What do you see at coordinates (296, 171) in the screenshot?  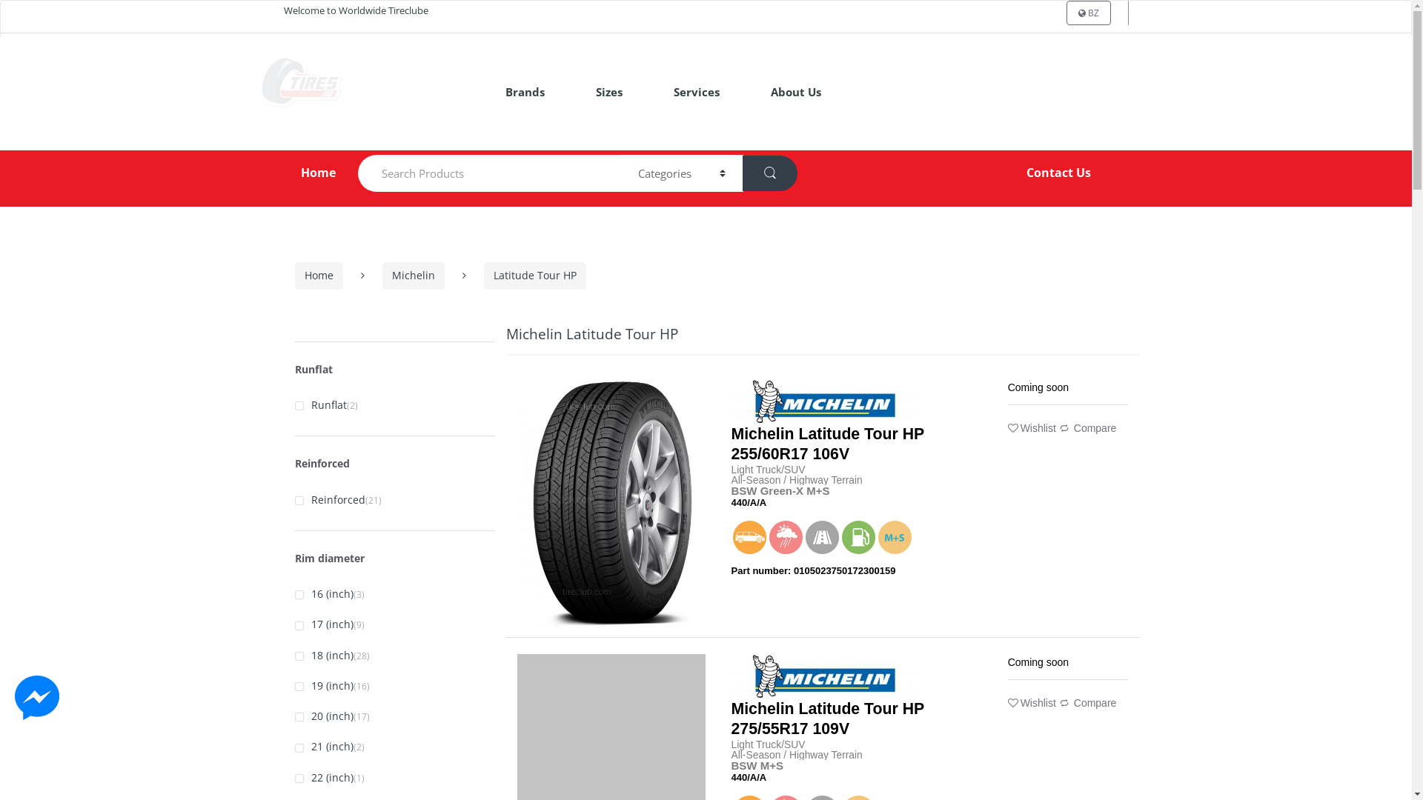 I see `'Home'` at bounding box center [296, 171].